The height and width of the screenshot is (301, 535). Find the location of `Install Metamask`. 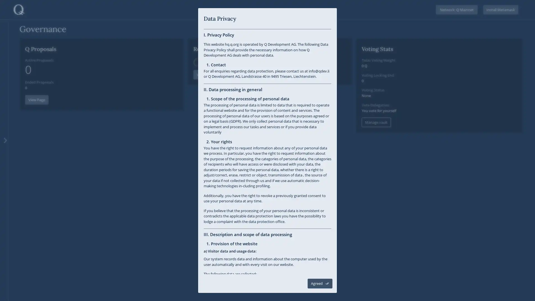

Install Metamask is located at coordinates (500, 9).